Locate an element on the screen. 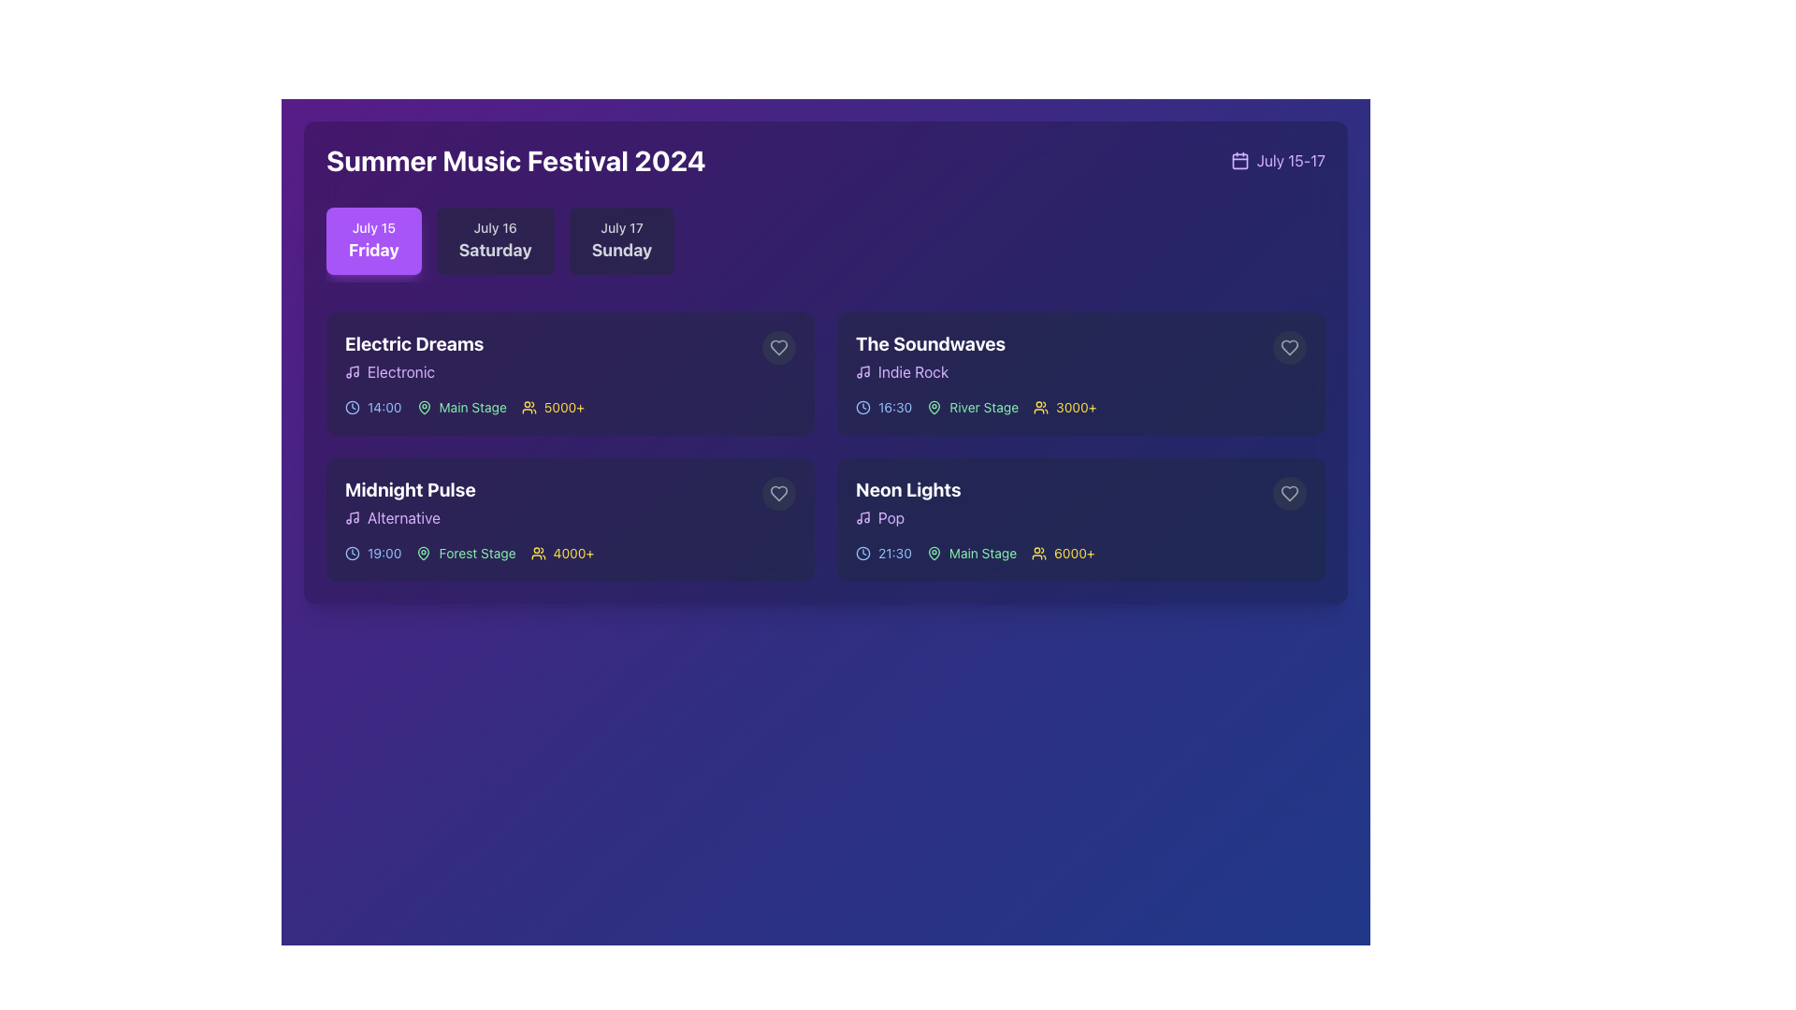 The width and height of the screenshot is (1796, 1010). the heart icon in the bottom-right corner of the 'Midnight Pulse' card under the 'July 15' section to mark or unmark it as a favorite is located at coordinates (779, 493).